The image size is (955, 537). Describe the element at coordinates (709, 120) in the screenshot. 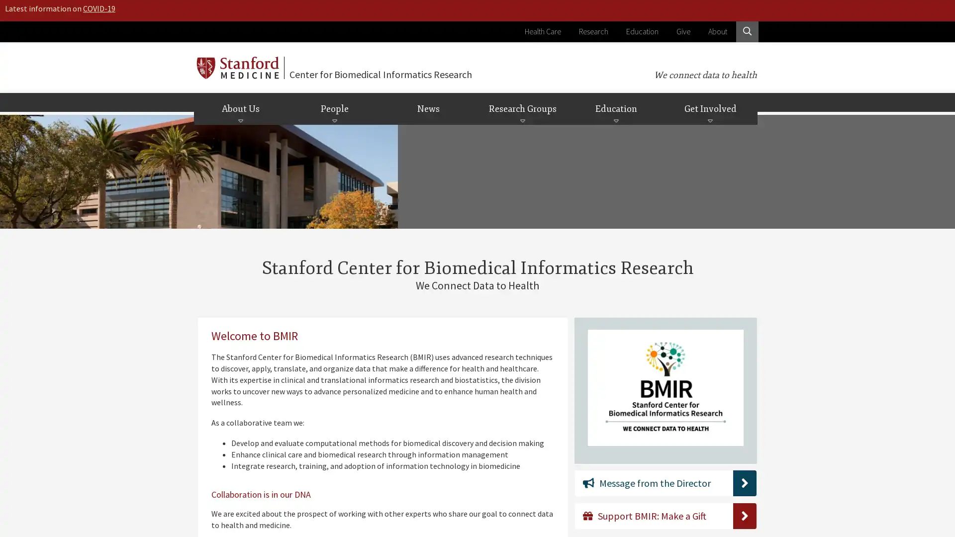

I see `open` at that location.